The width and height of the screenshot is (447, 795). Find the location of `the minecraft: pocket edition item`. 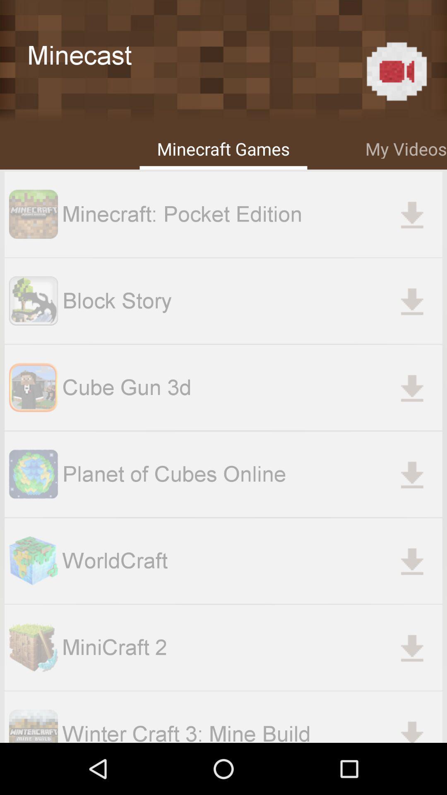

the minecraft: pocket edition item is located at coordinates (252, 214).